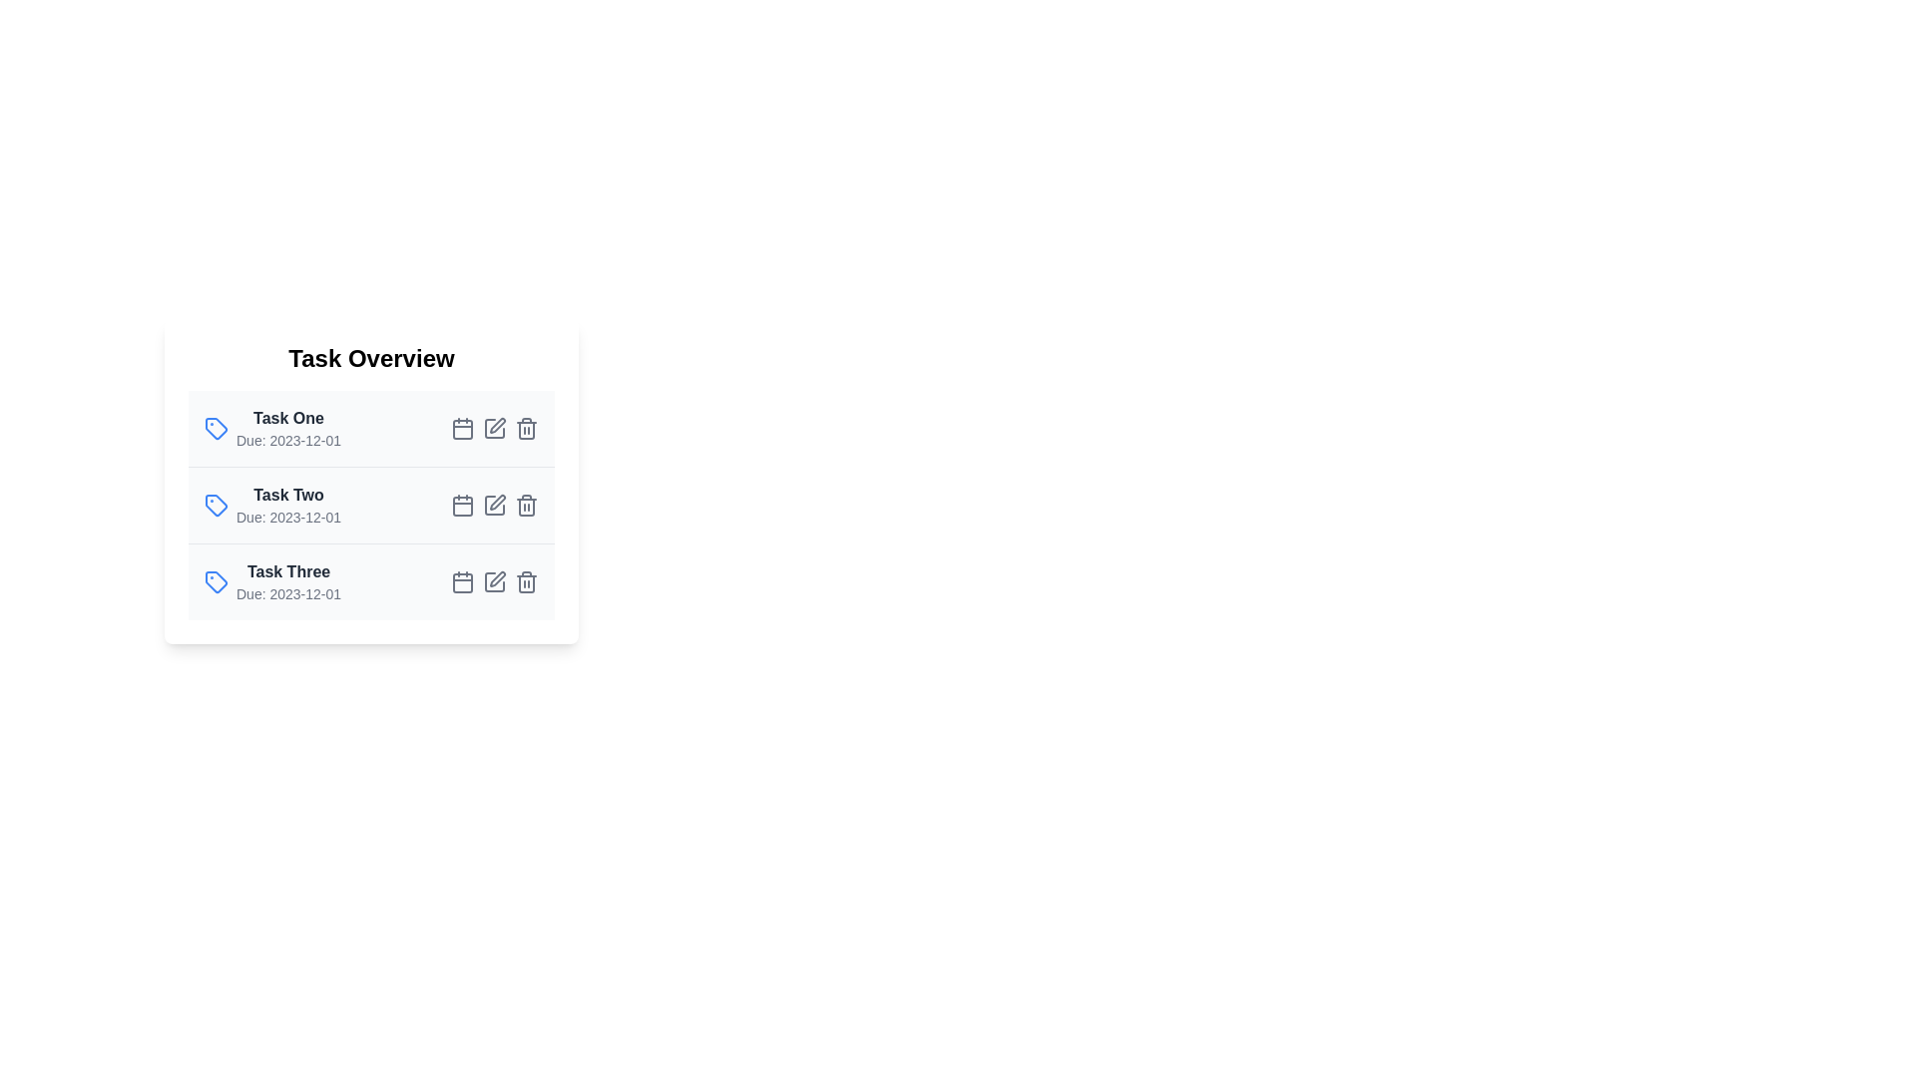 This screenshot has height=1077, width=1916. Describe the element at coordinates (287, 581) in the screenshot. I see `the text field that displays the task information for 'Task Three' located in the 'Task Overview' card, below 'Task Two'` at that location.